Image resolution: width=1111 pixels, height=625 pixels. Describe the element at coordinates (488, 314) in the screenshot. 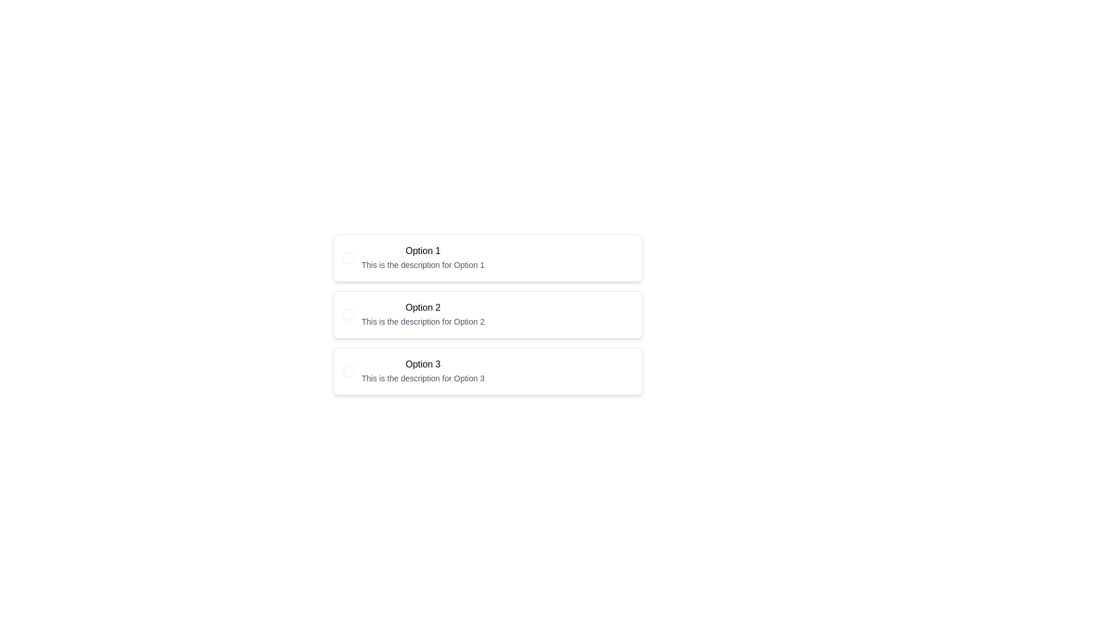

I see `the radio button representing 'Option 2'` at that location.